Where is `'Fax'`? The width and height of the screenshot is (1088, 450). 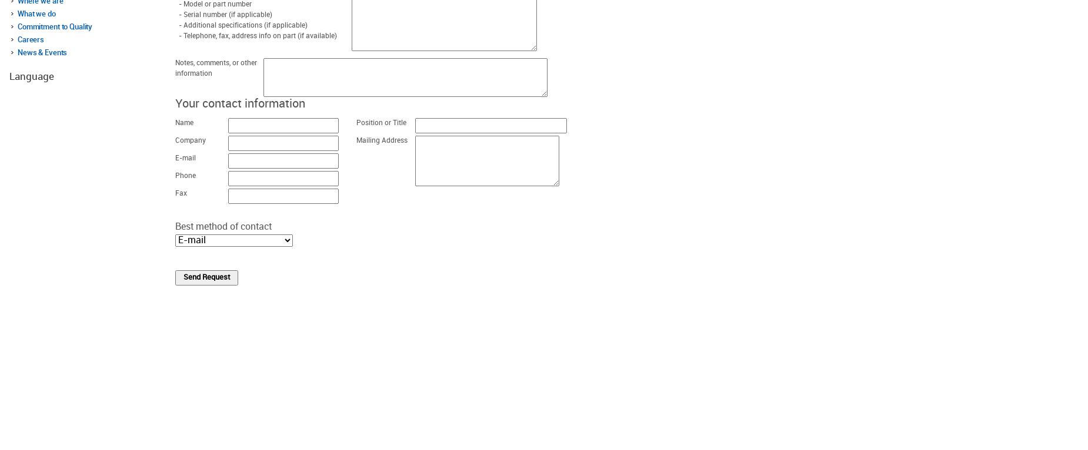
'Fax' is located at coordinates (175, 193).